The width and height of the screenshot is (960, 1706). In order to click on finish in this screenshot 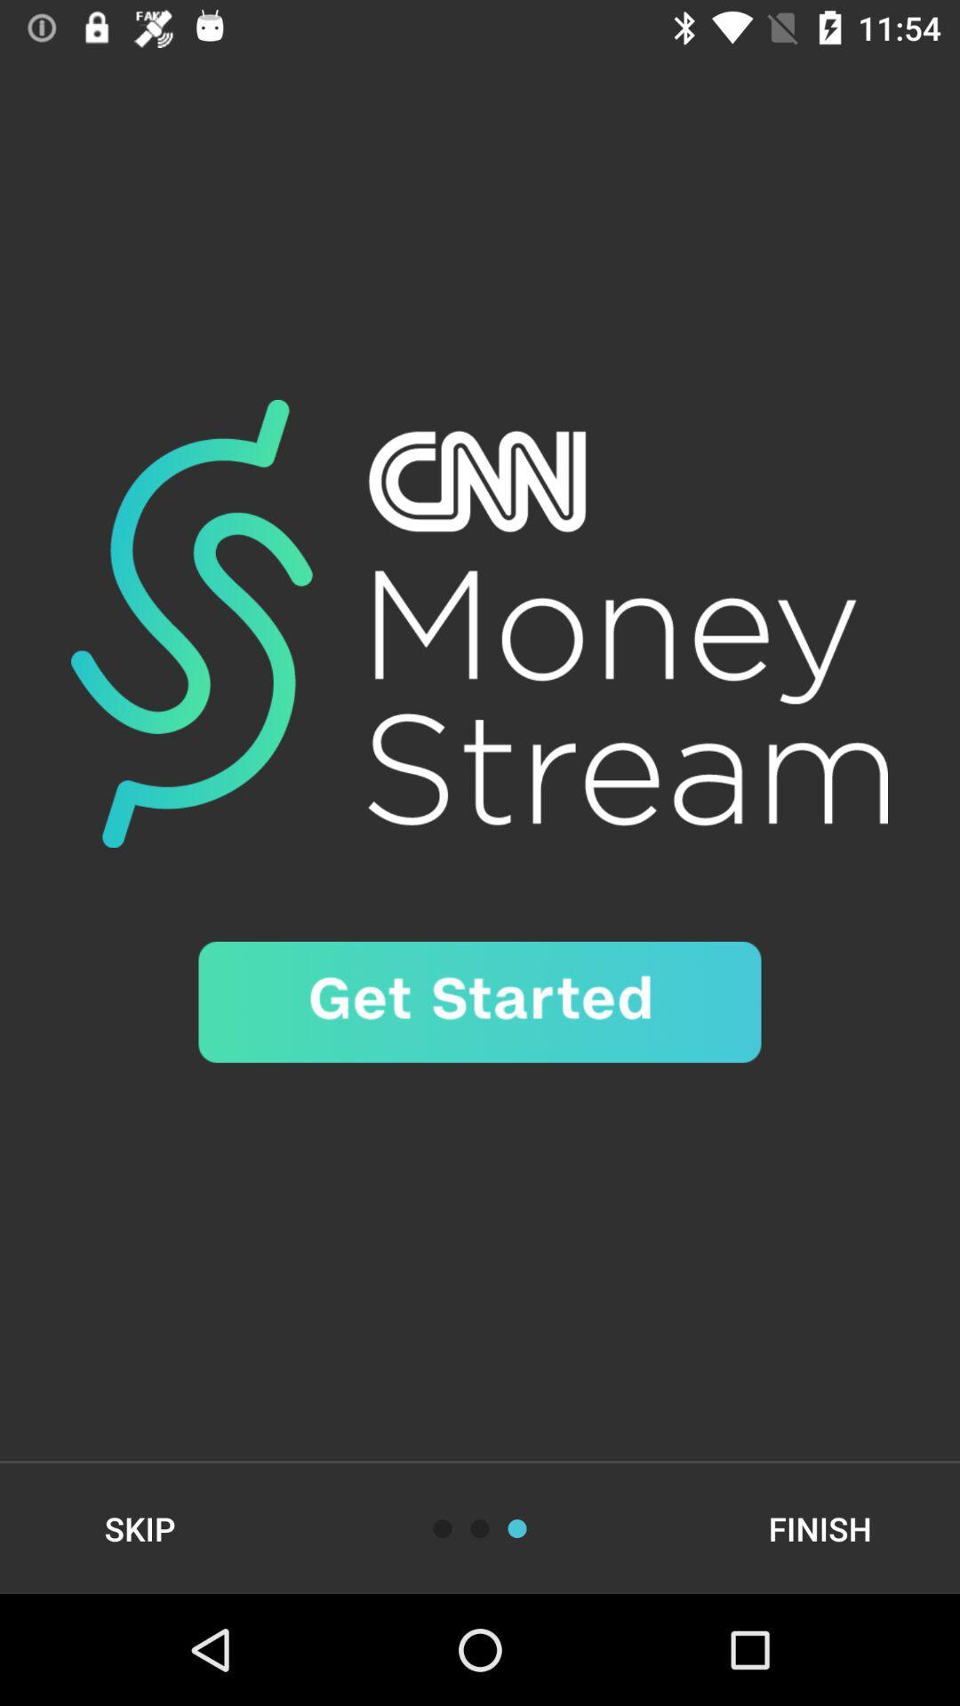, I will do `click(820, 1527)`.